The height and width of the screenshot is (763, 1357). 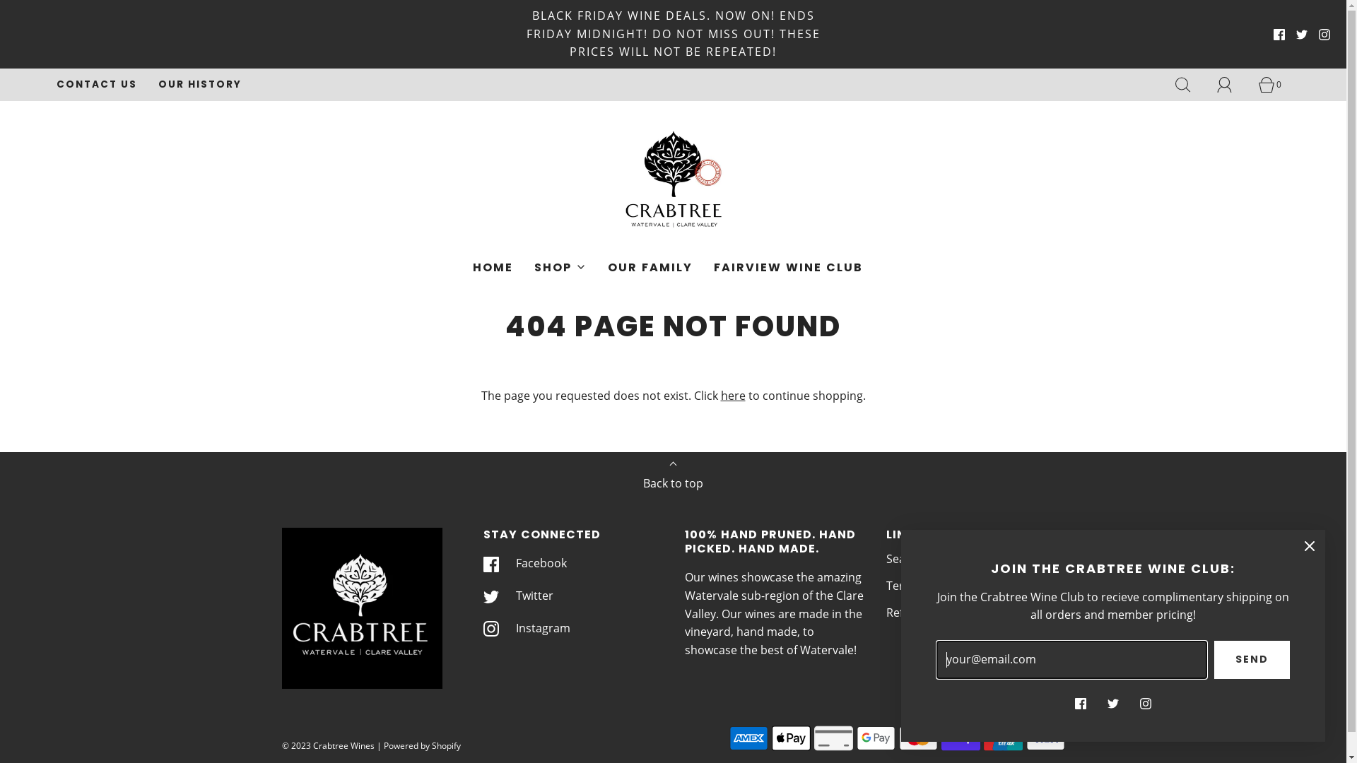 What do you see at coordinates (650, 267) in the screenshot?
I see `'OUR FAMILY'` at bounding box center [650, 267].